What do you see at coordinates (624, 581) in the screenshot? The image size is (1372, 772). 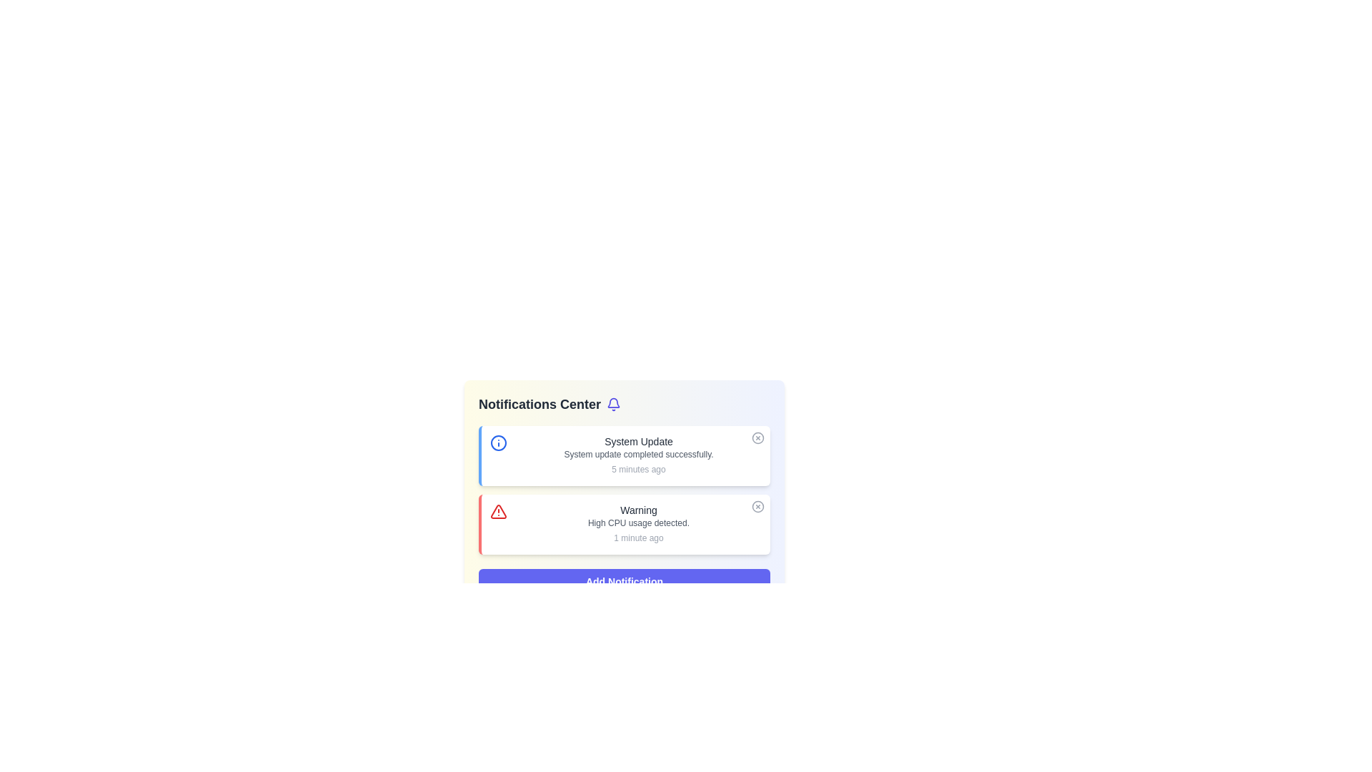 I see `the 'Add Notification' button, which is a rectangular button with rounded corners and a solid indigo background, located at the bottom of the 'Notifications Center'` at bounding box center [624, 581].